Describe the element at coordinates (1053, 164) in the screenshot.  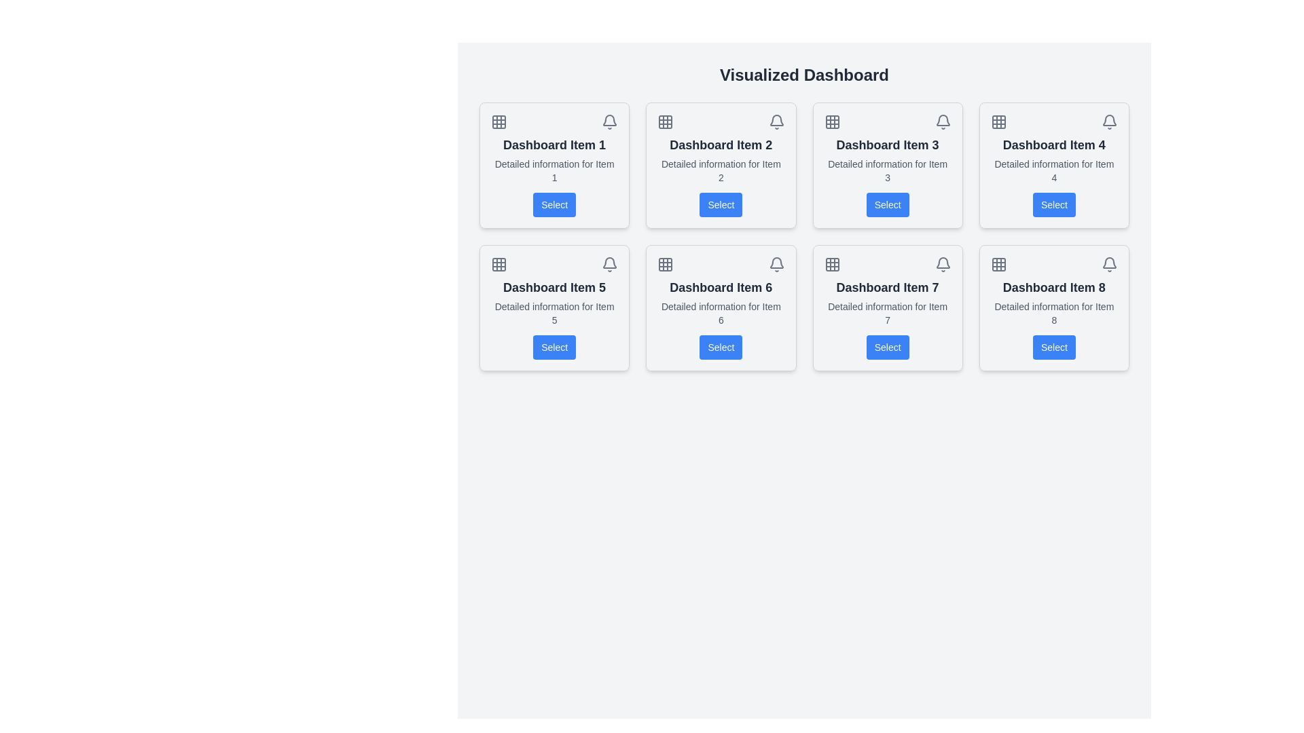
I see `the Dashboard Card representing 'Item 4' located in the top row, fourth column of the 'Visualized Dashboard'` at that location.